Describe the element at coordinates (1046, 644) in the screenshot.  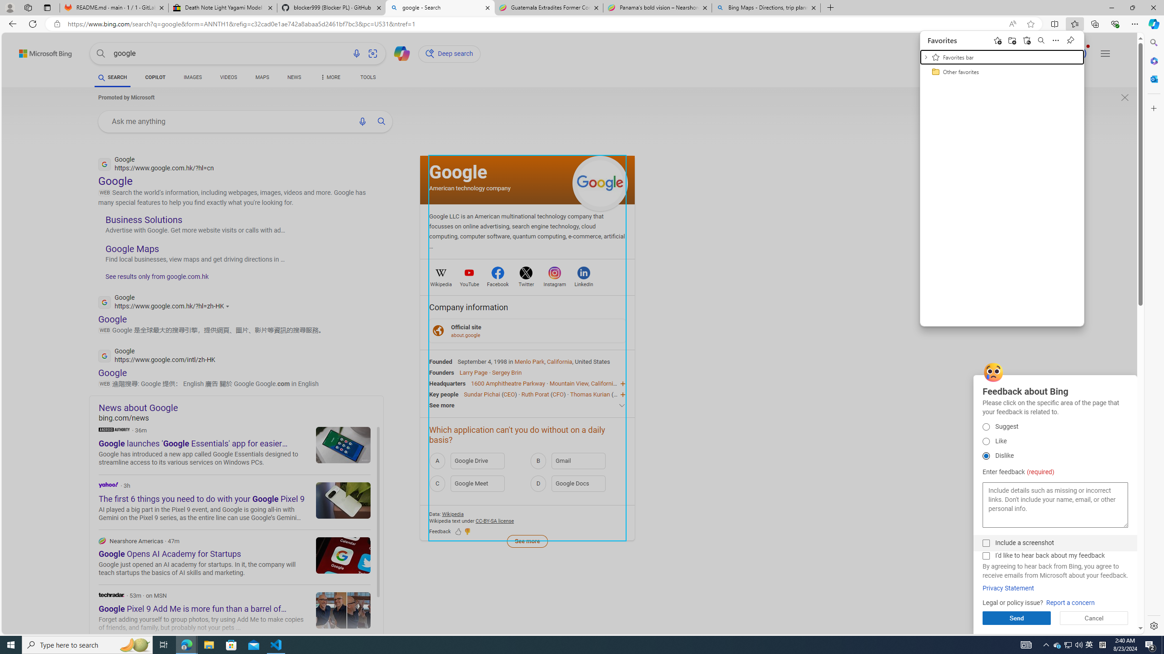
I see `'Notification Chevron'` at that location.